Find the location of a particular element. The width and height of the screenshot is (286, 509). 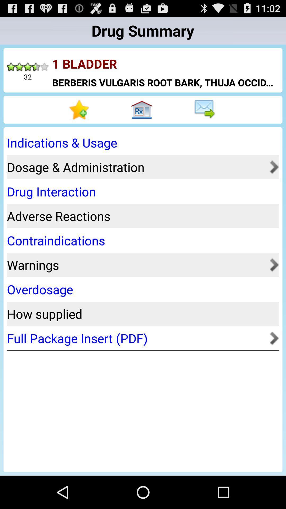

the dosage & administration item is located at coordinates (136, 167).